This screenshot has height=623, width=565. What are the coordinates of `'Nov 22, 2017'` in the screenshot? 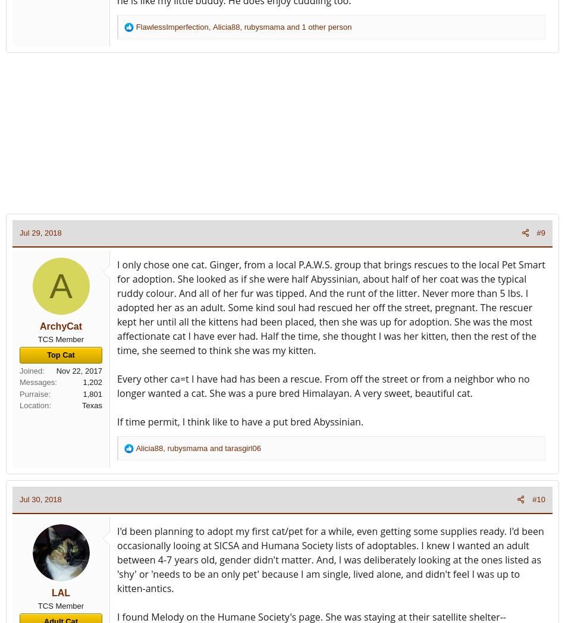 It's located at (79, 370).